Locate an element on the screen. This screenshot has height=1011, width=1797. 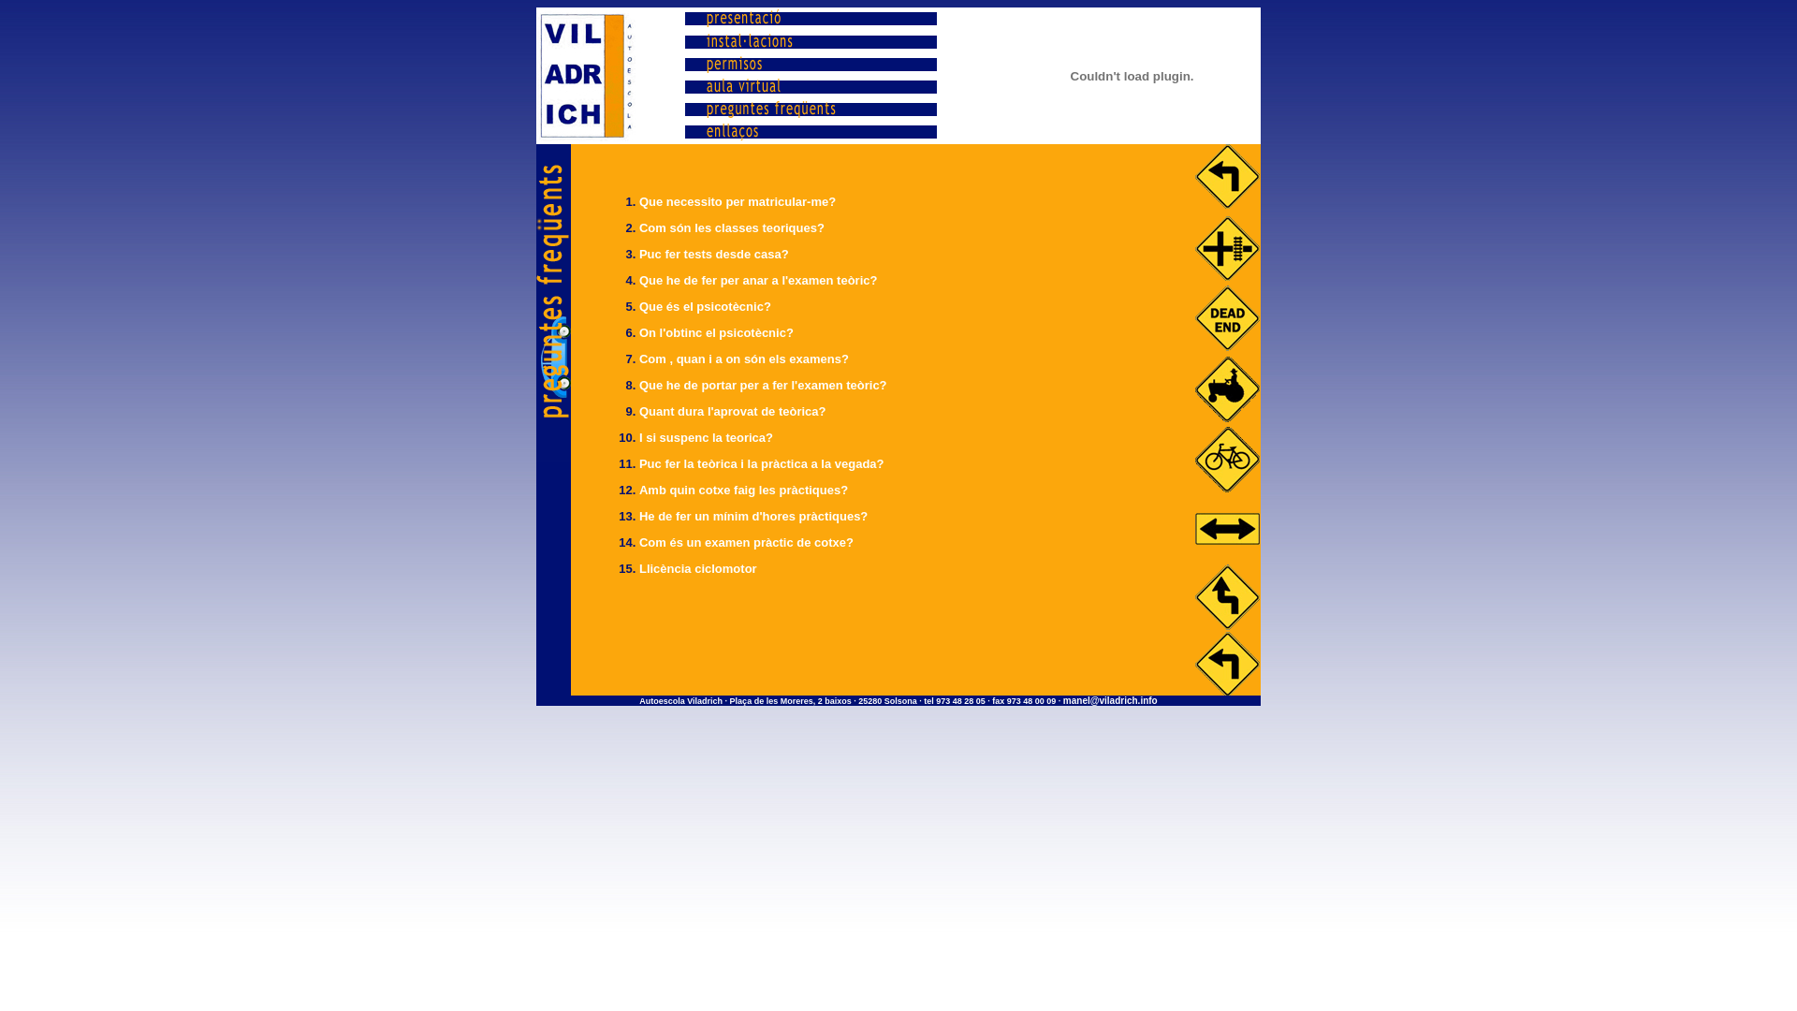
'I si suspenc la teorica?' is located at coordinates (705, 437).